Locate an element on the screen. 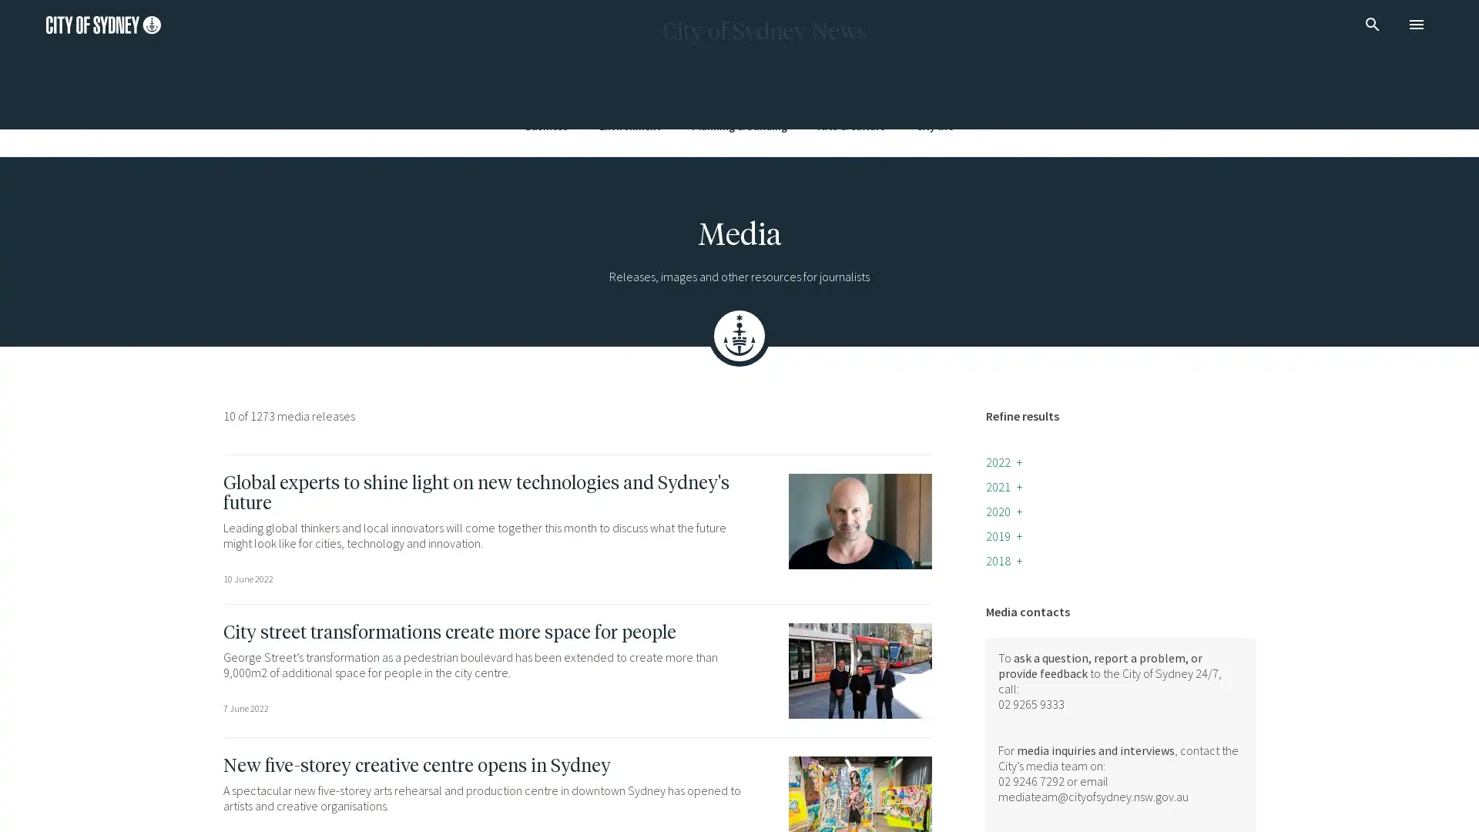 This screenshot has height=832, width=1479. 2017+ is located at coordinates (1004, 585).